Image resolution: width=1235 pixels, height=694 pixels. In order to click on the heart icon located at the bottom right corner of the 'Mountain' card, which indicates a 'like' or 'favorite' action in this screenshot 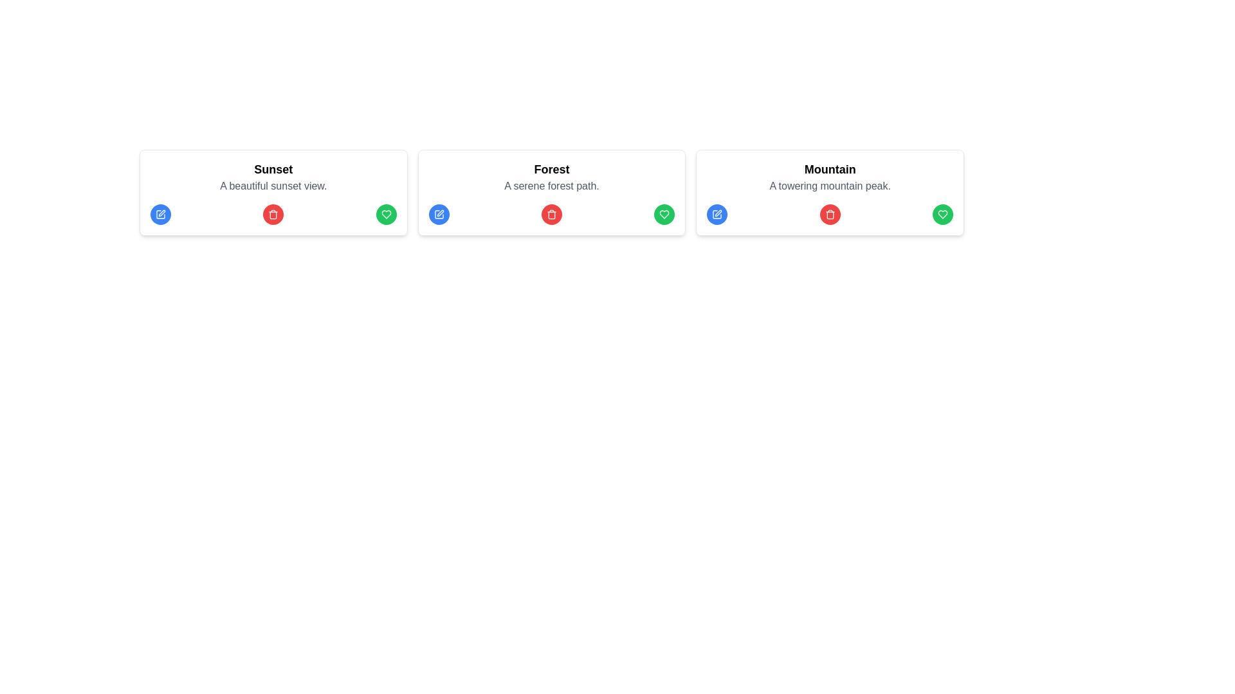, I will do `click(942, 214)`.